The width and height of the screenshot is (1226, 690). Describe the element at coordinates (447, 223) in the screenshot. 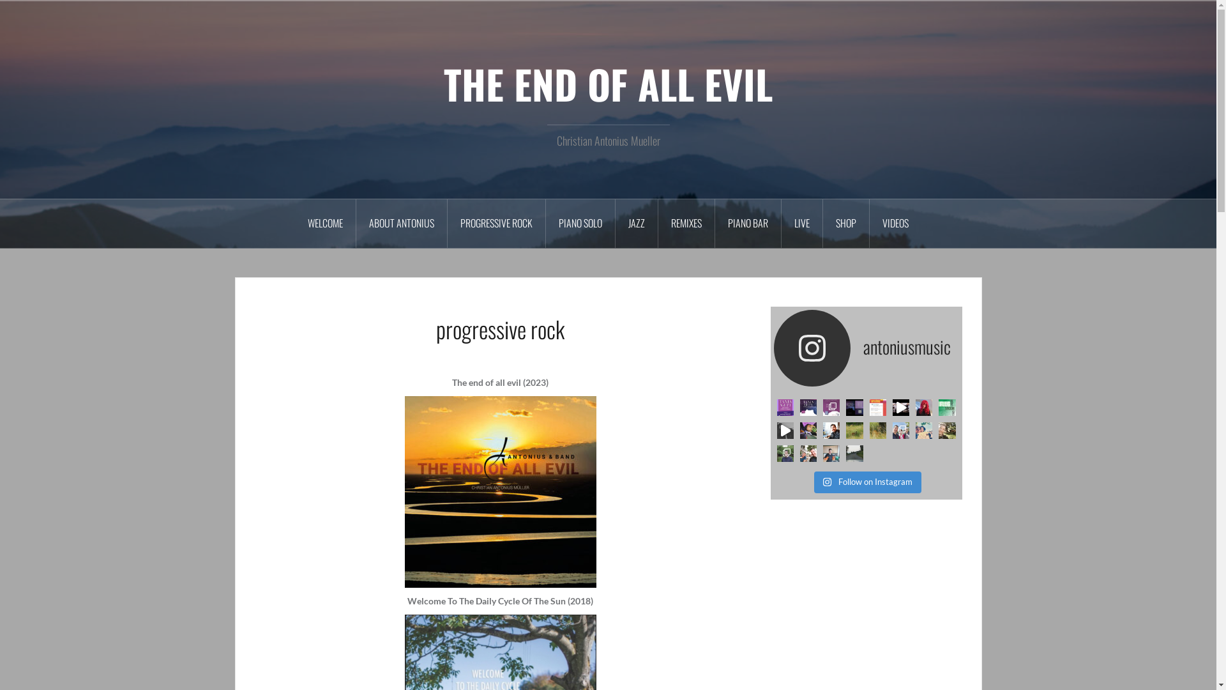

I see `'PROGRESSIVE ROCK'` at that location.